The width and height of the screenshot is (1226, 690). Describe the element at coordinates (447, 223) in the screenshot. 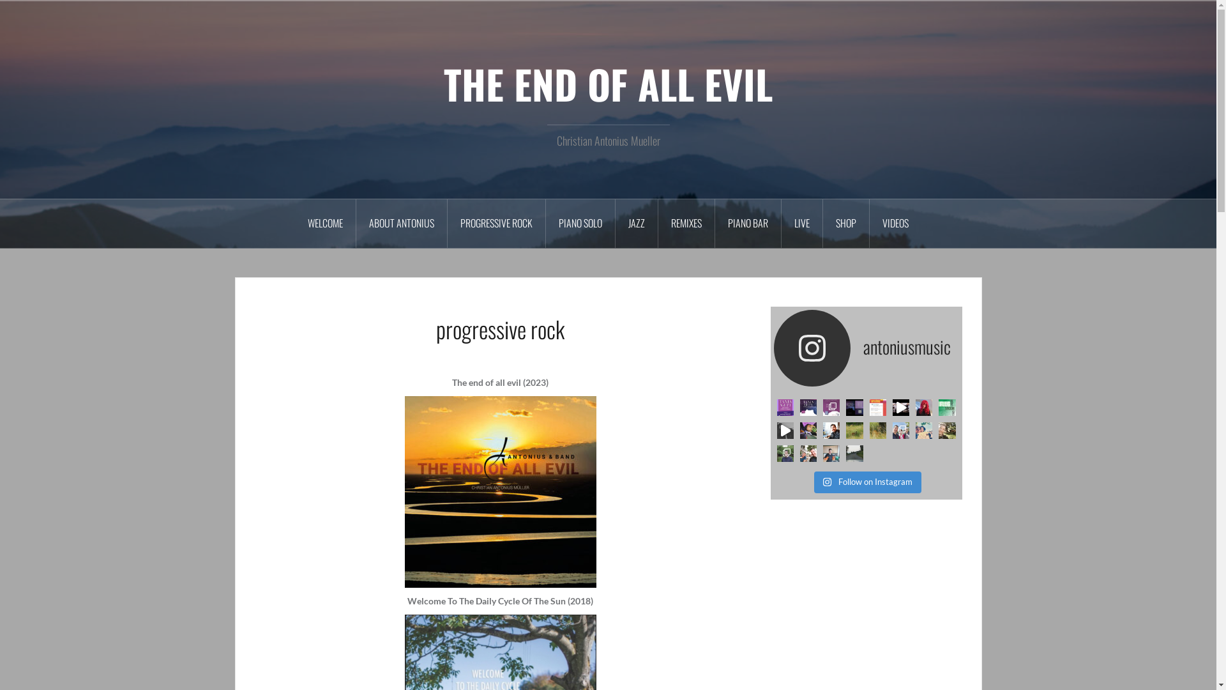

I see `'PROGRESSIVE ROCK'` at that location.